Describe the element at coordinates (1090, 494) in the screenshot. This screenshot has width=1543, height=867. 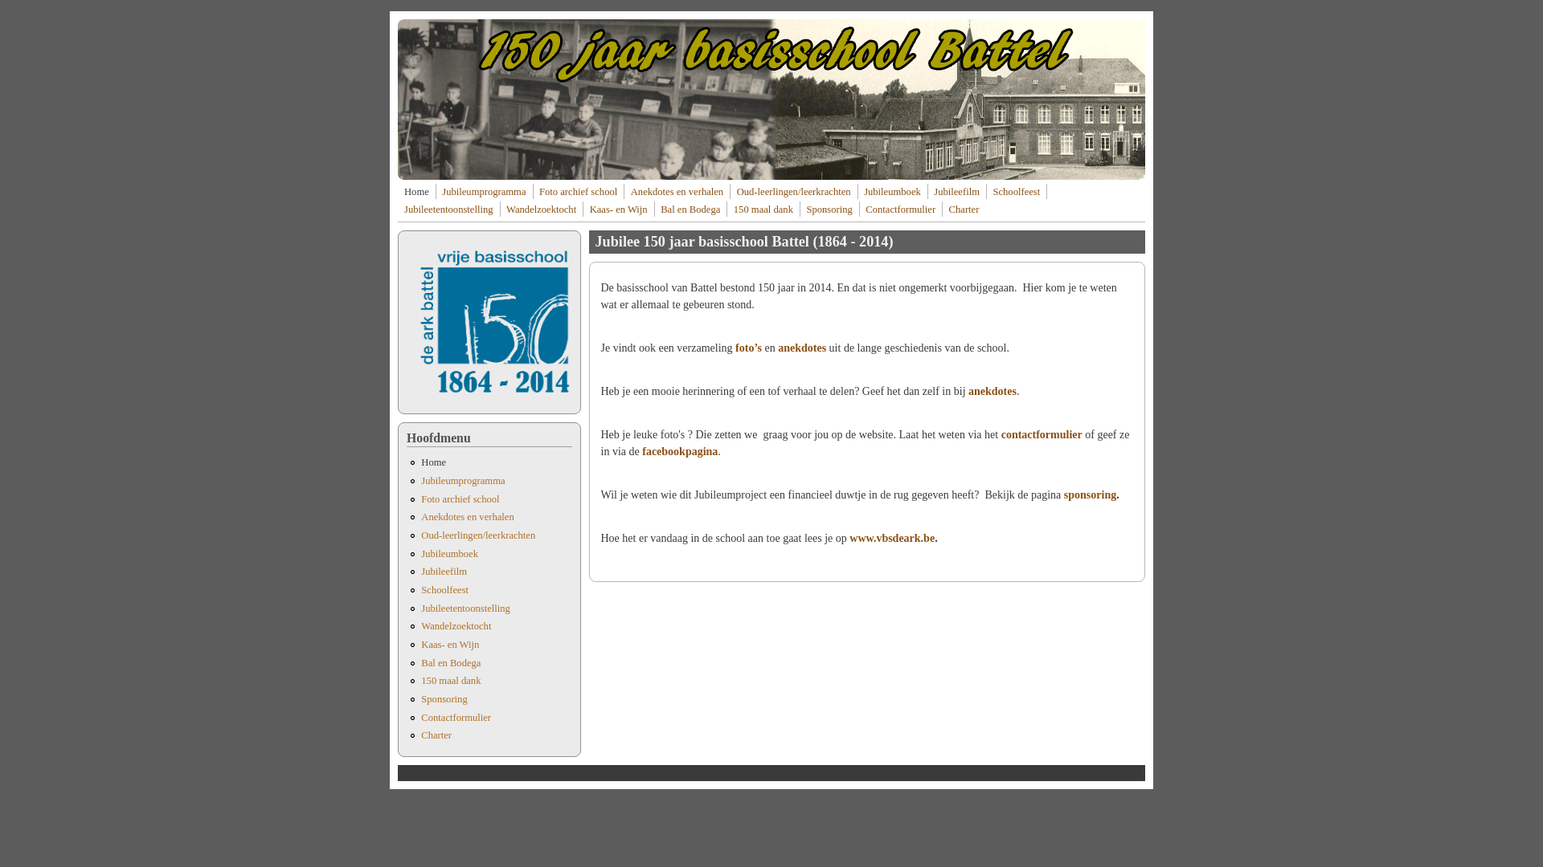
I see `'sponsoring'` at that location.